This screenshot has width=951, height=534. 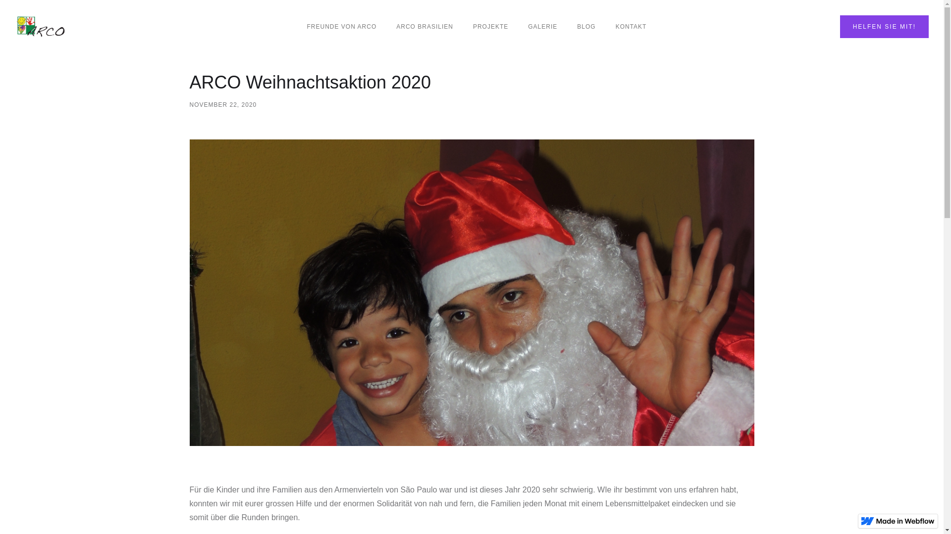 I want to click on 'GALERIE', so click(x=542, y=26).